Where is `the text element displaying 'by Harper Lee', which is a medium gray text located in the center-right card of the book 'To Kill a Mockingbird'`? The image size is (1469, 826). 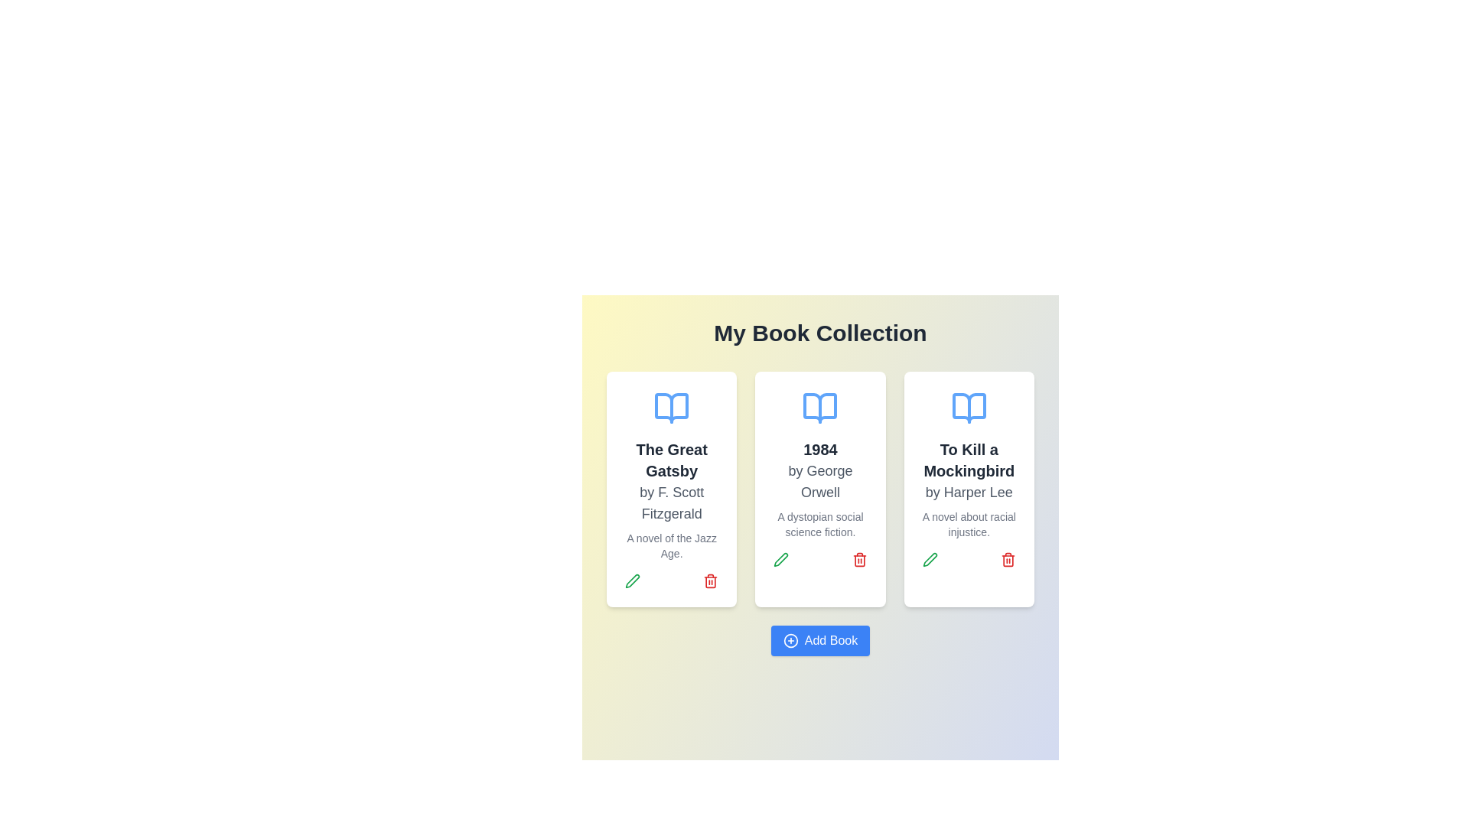 the text element displaying 'by Harper Lee', which is a medium gray text located in the center-right card of the book 'To Kill a Mockingbird' is located at coordinates (968, 493).